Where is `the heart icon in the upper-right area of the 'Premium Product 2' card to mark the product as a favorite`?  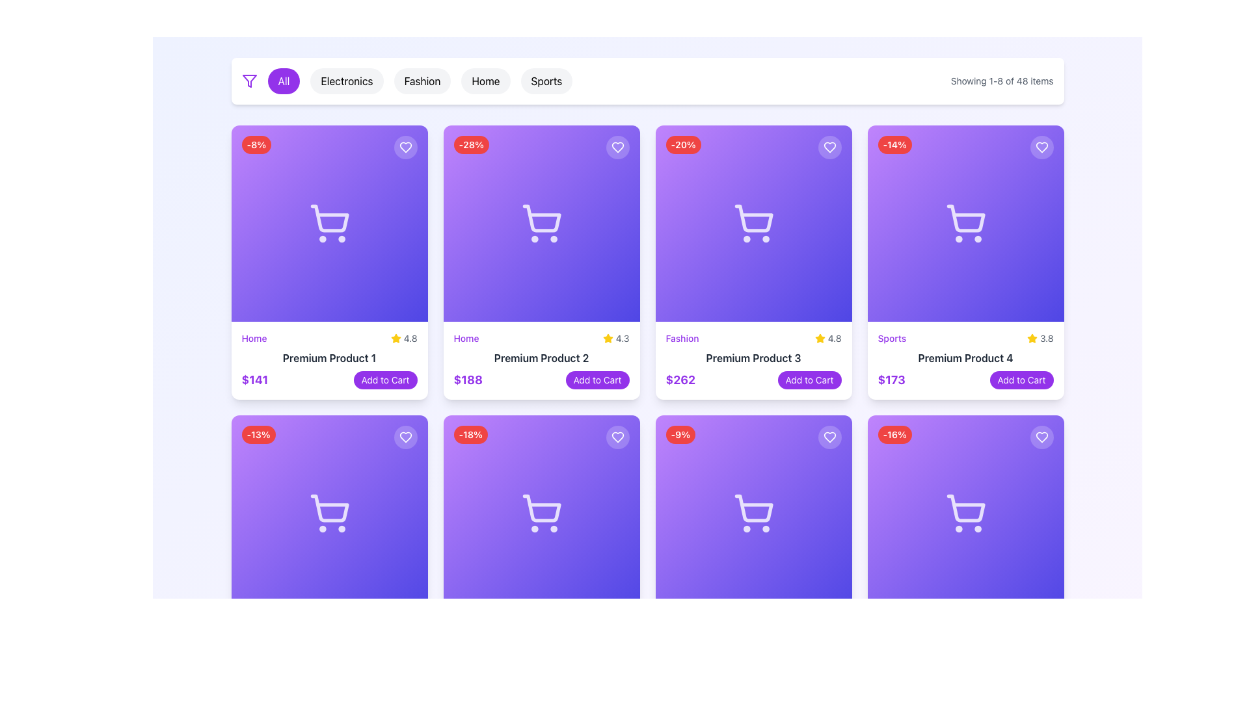
the heart icon in the upper-right area of the 'Premium Product 2' card to mark the product as a favorite is located at coordinates (617, 147).